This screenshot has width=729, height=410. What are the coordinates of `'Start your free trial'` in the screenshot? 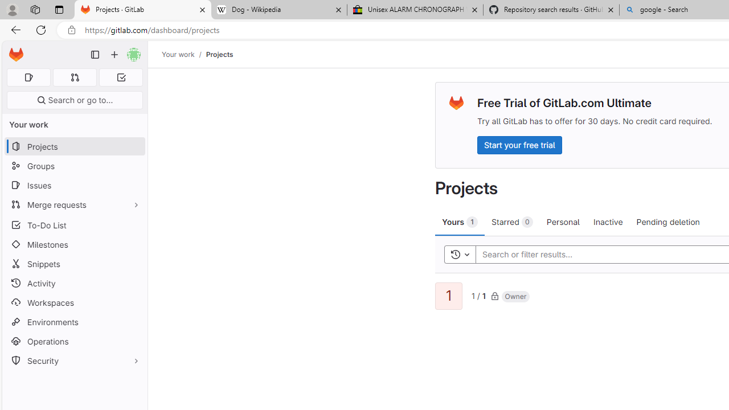 It's located at (519, 144).